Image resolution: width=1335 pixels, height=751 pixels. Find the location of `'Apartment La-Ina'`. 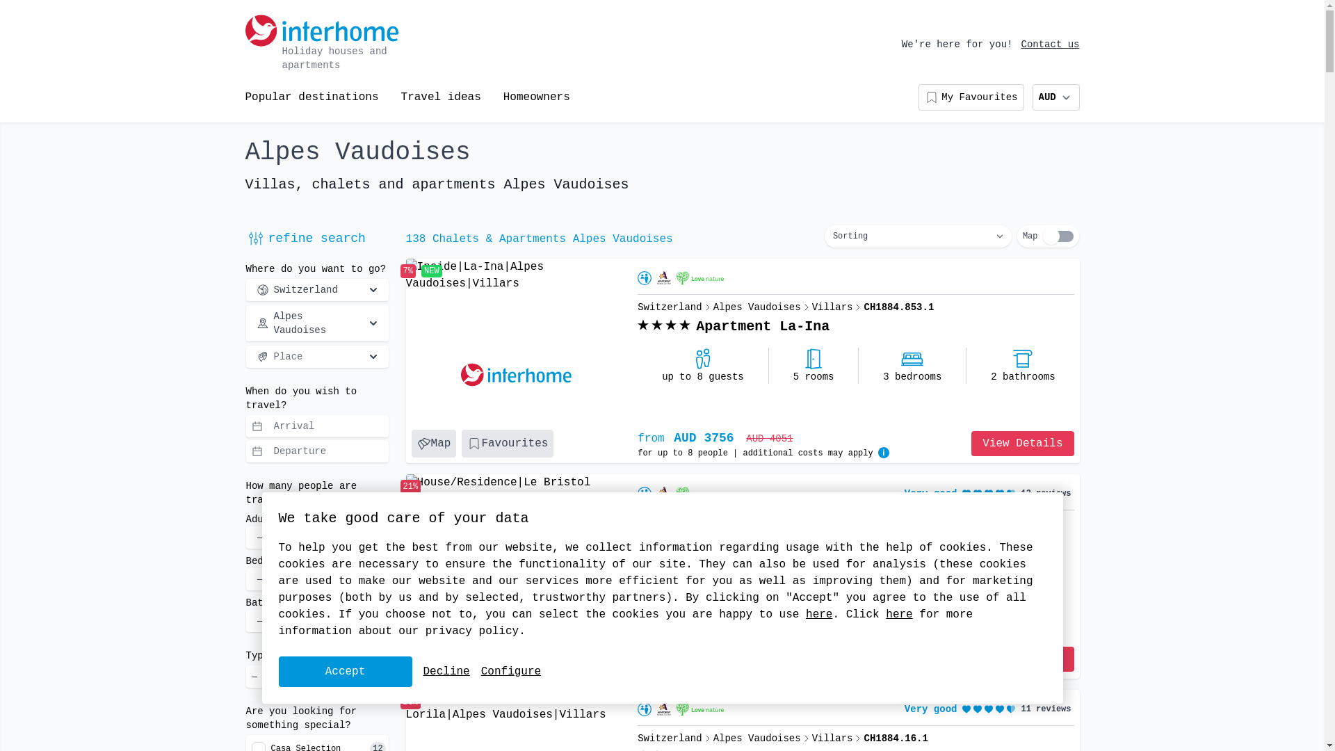

'Apartment La-Ina' is located at coordinates (762, 327).